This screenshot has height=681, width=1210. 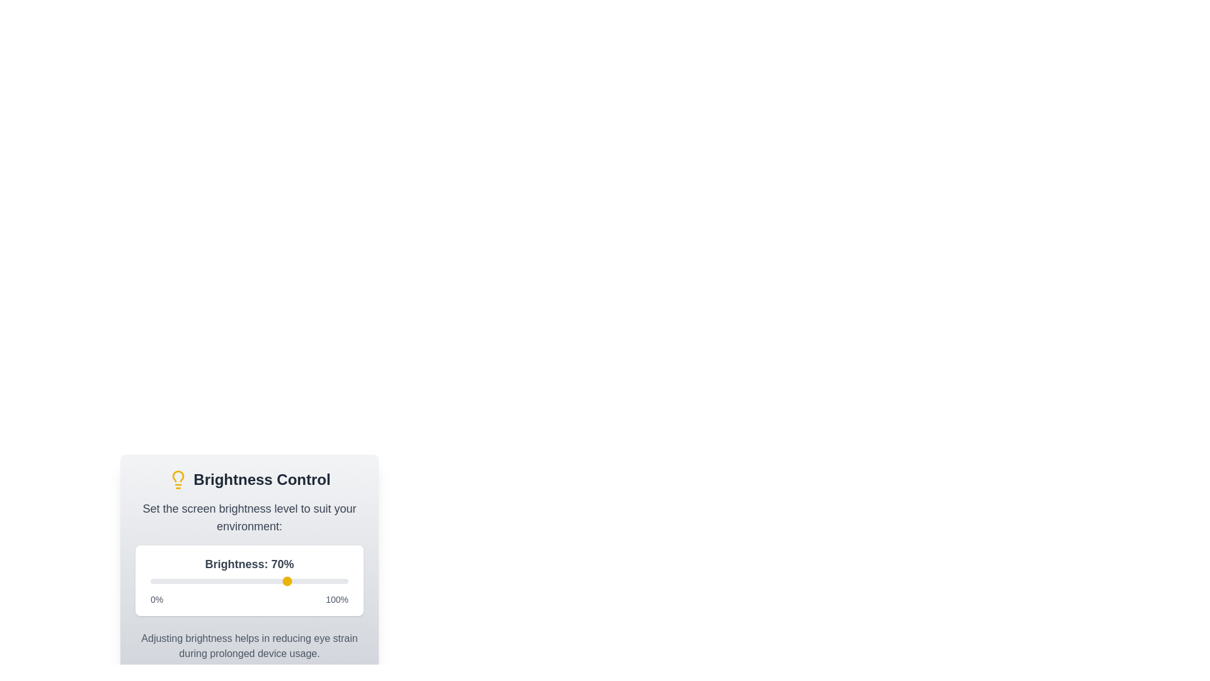 I want to click on the brightness slider to 87%, so click(x=323, y=581).